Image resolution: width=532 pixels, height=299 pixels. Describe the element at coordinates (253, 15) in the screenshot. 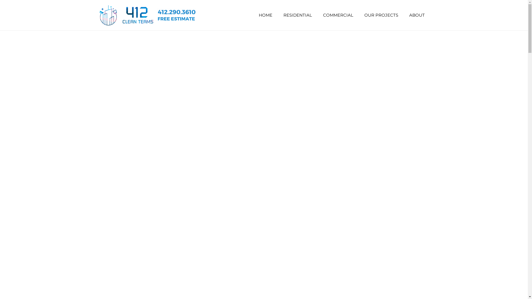

I see `'HOME'` at that location.